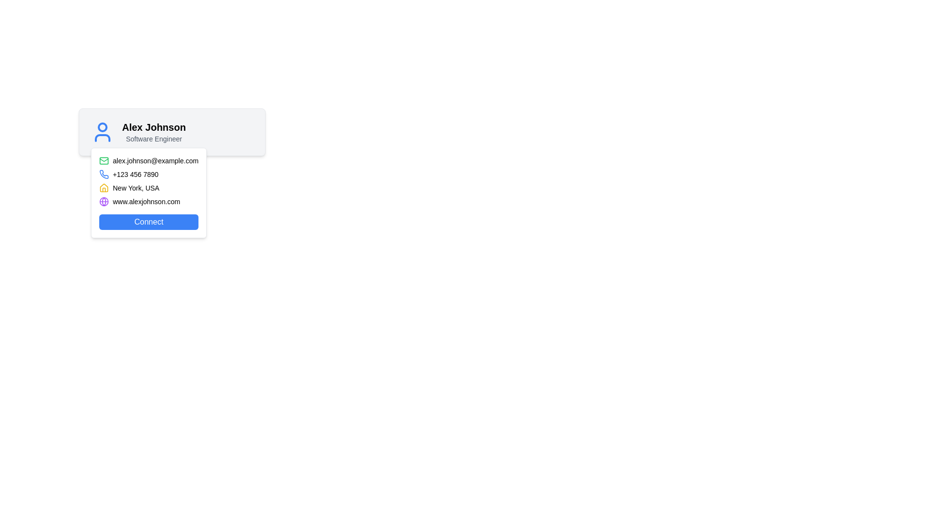 Image resolution: width=934 pixels, height=525 pixels. Describe the element at coordinates (148, 193) in the screenshot. I see `the static text label displaying the address 'New York, USA' which is the third item in the list within the pop-up card below the 'Software Engineer' header` at that location.